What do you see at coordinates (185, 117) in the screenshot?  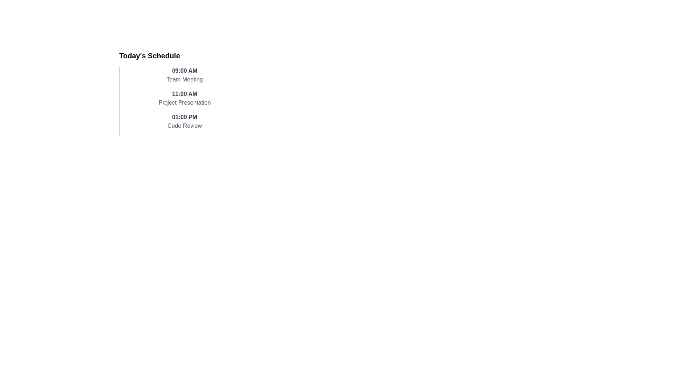 I see `the time label indicating the scheduled time for the 'Code Review' event, located between '11:00 AM' and the 'Code Review' text` at bounding box center [185, 117].